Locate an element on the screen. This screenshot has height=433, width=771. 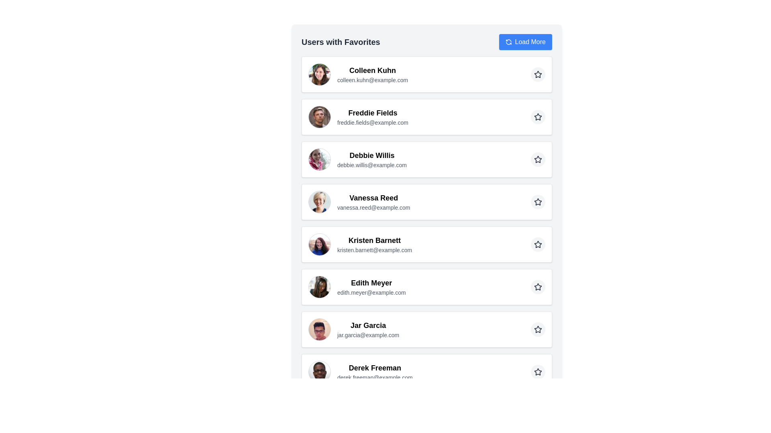
the text display area that shows the user's name and email address, located is located at coordinates (372, 74).